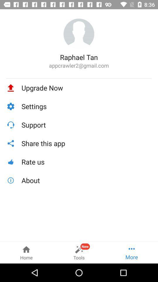  What do you see at coordinates (79, 57) in the screenshot?
I see `raphael tan icon` at bounding box center [79, 57].